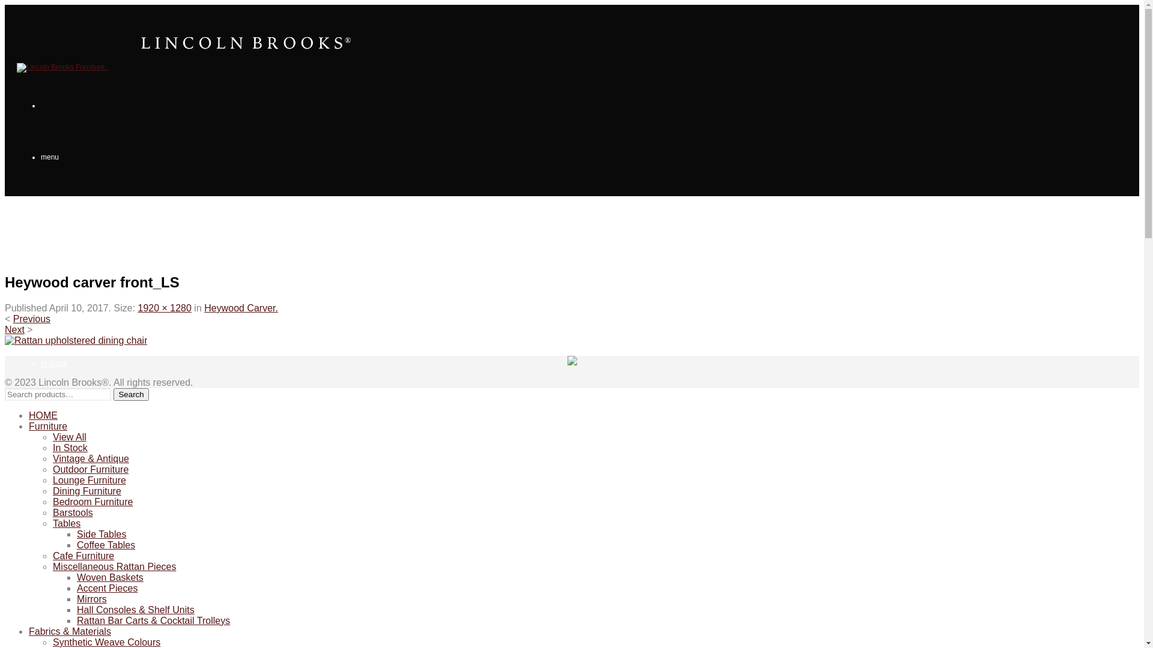  What do you see at coordinates (130, 394) in the screenshot?
I see `'Search'` at bounding box center [130, 394].